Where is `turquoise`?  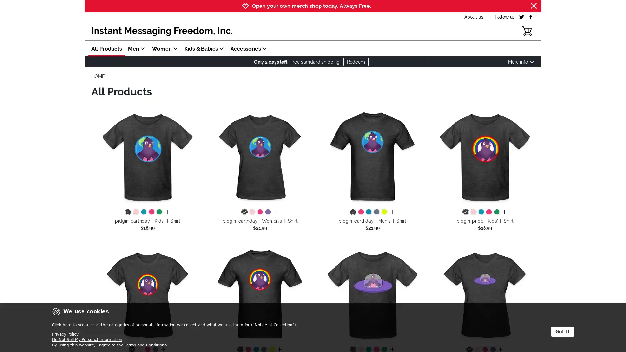 turquoise is located at coordinates (143, 212).